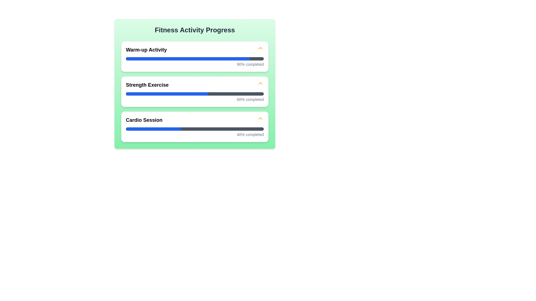 The width and height of the screenshot is (536, 301). I want to click on the Text Label indicating the name of the activity associated with the progress tracker, located in the third row under the 'Strength Exercise' tracker, so click(144, 120).